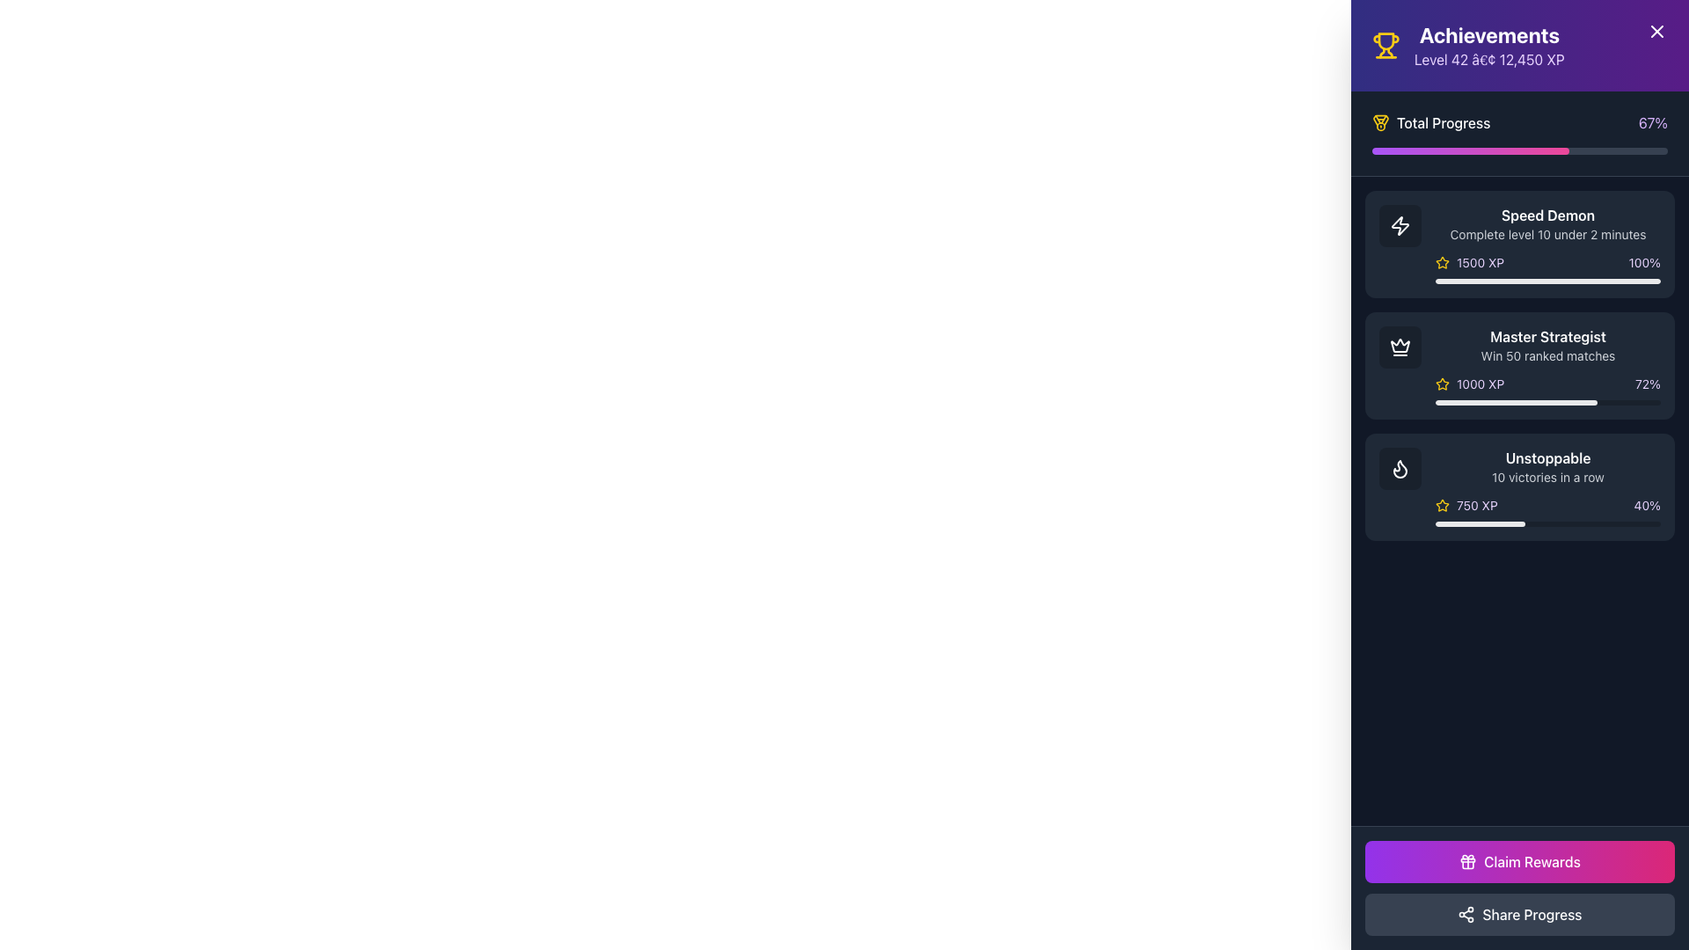 Image resolution: width=1689 pixels, height=950 pixels. I want to click on the text displaying '750 XP' with an adjacent star-shaped icon in the 'Unstoppable' achievement section, so click(1466, 505).